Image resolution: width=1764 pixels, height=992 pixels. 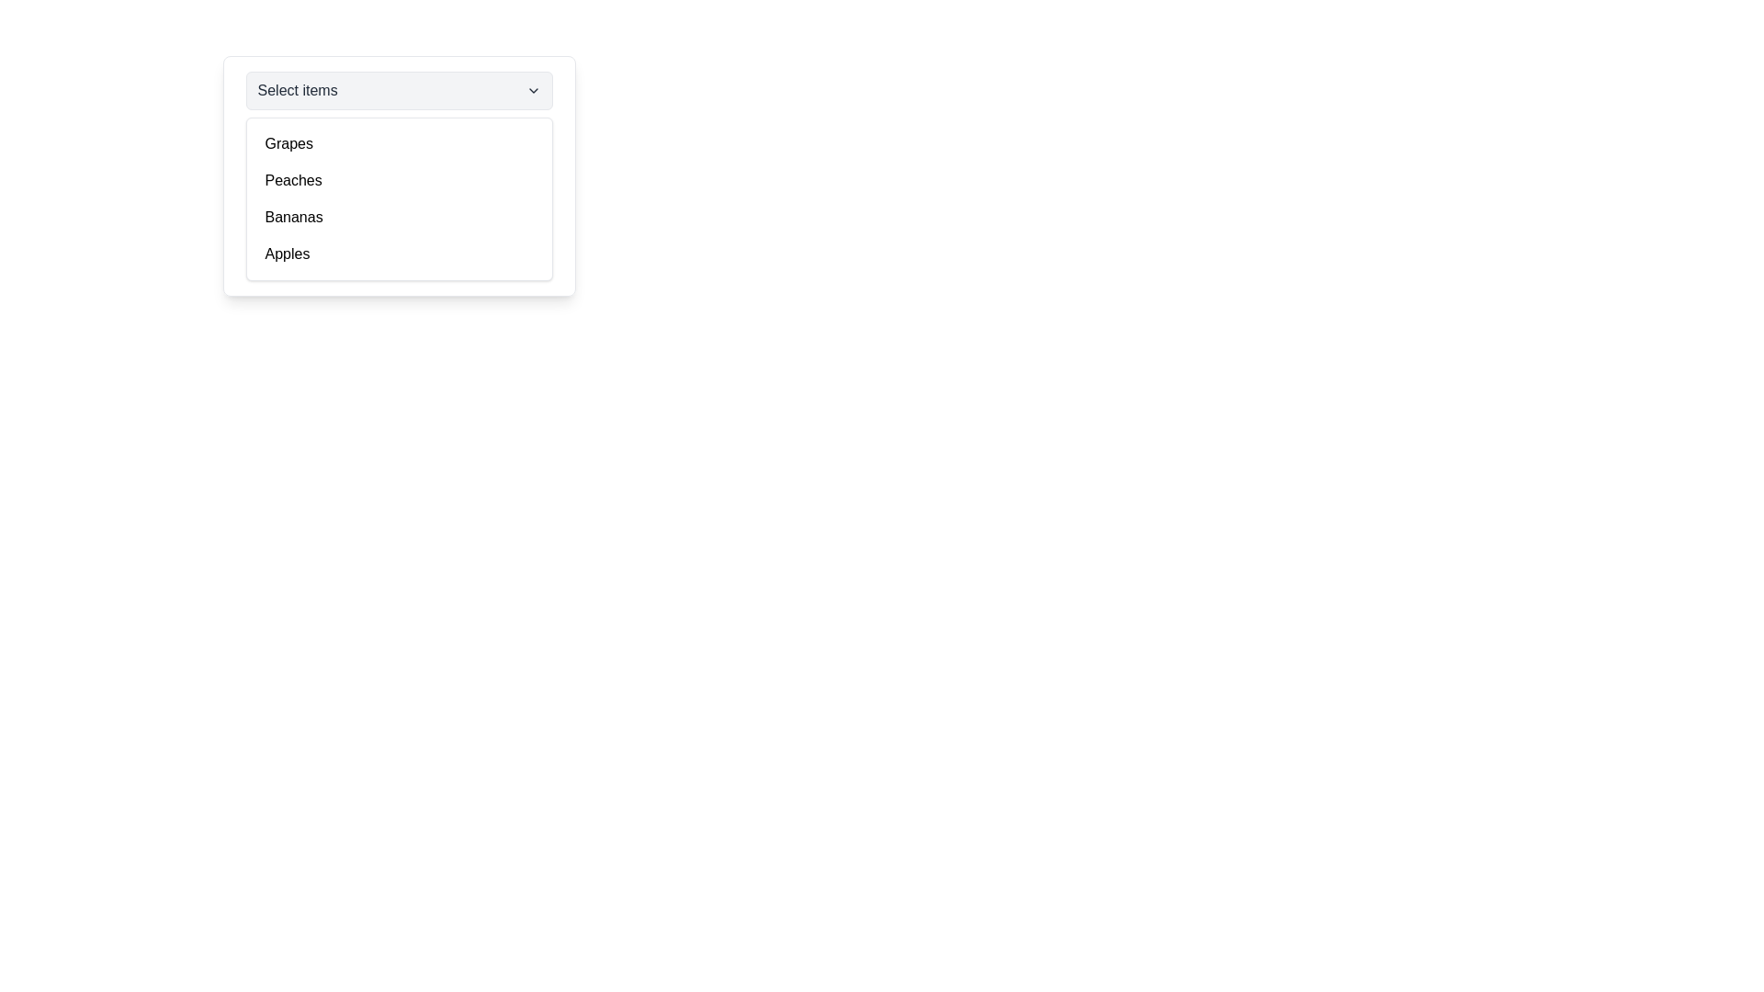 What do you see at coordinates (298, 91) in the screenshot?
I see `the text label reading 'Select items' located within the dropdown menu trigger area, positioned prominently to the left of the chevron icon` at bounding box center [298, 91].